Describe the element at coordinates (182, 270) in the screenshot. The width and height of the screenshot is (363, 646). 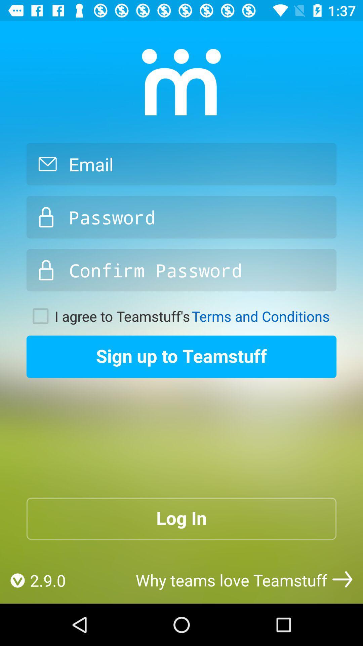
I see `confirm pass work box` at that location.